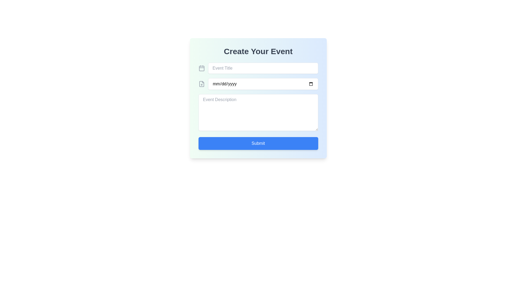 This screenshot has width=513, height=288. I want to click on the calendar icon located to the left of the 'Event Title' input field in the 'Create Your Event' form, so click(201, 68).